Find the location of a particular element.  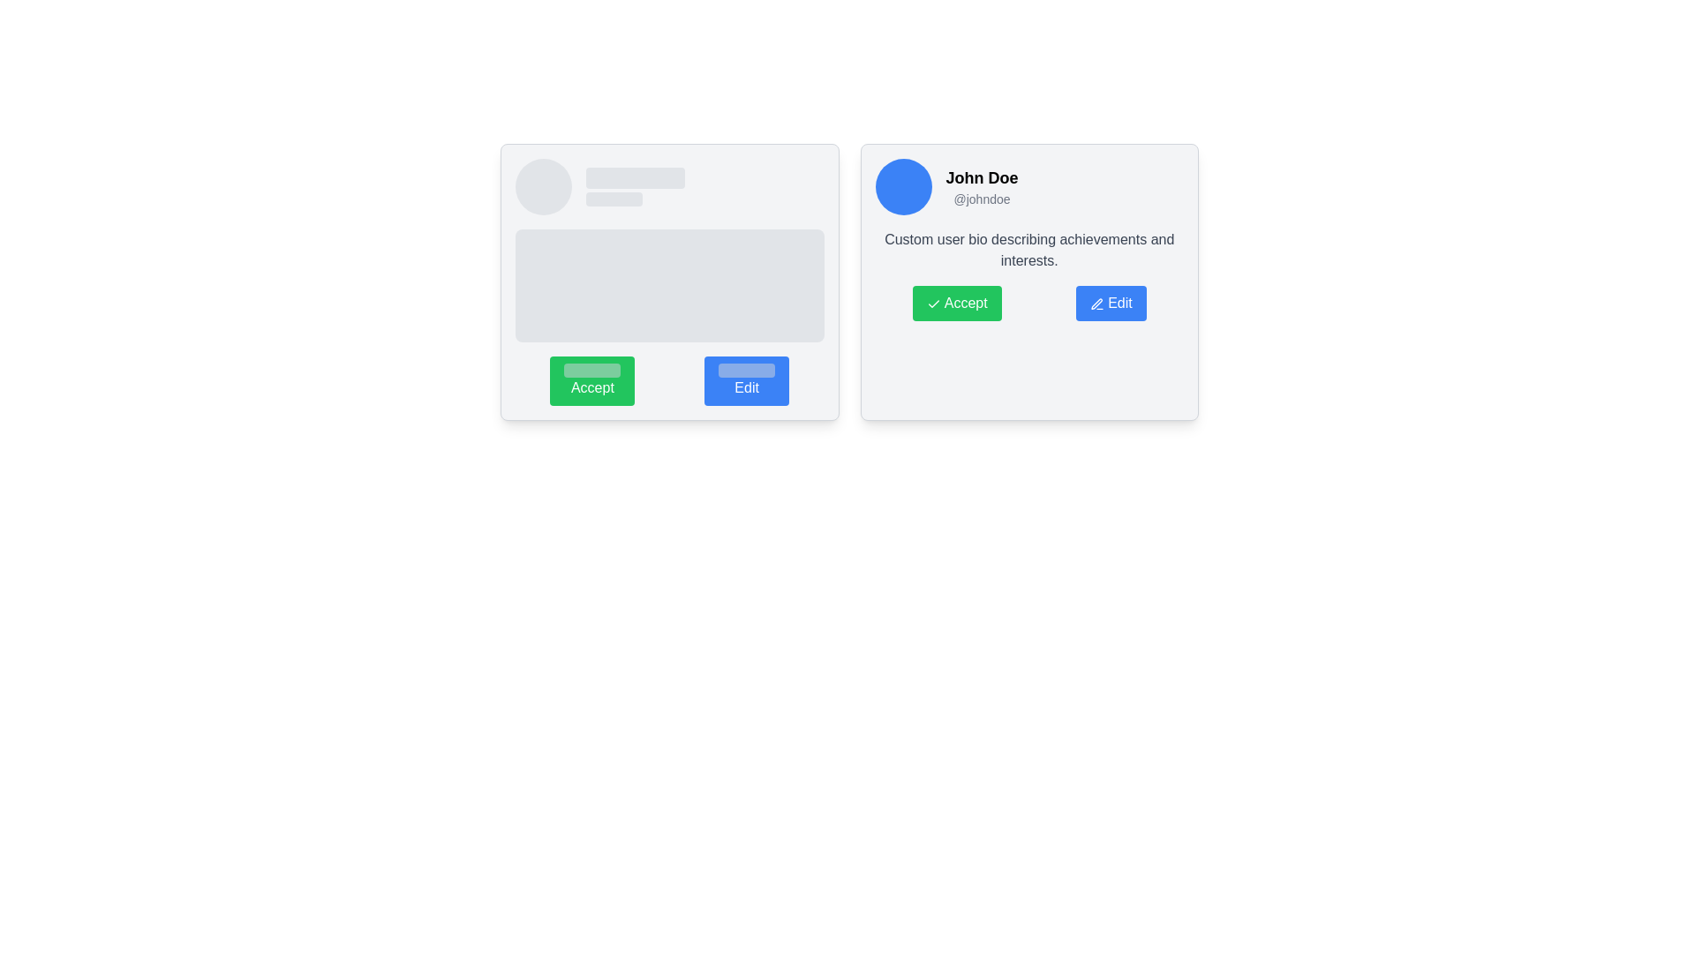

the avatar representing the user 'John Doe' located on the leftmost side of the component that includes the user's name and handle is located at coordinates (903, 187).